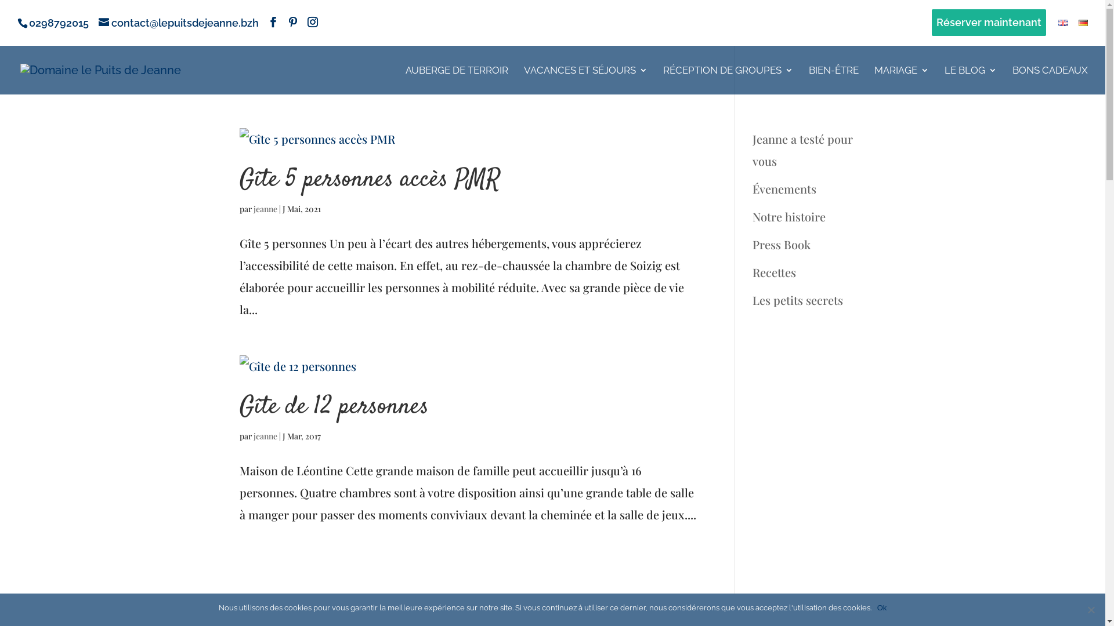 This screenshot has height=626, width=1114. I want to click on 'MARIAGE', so click(901, 79).